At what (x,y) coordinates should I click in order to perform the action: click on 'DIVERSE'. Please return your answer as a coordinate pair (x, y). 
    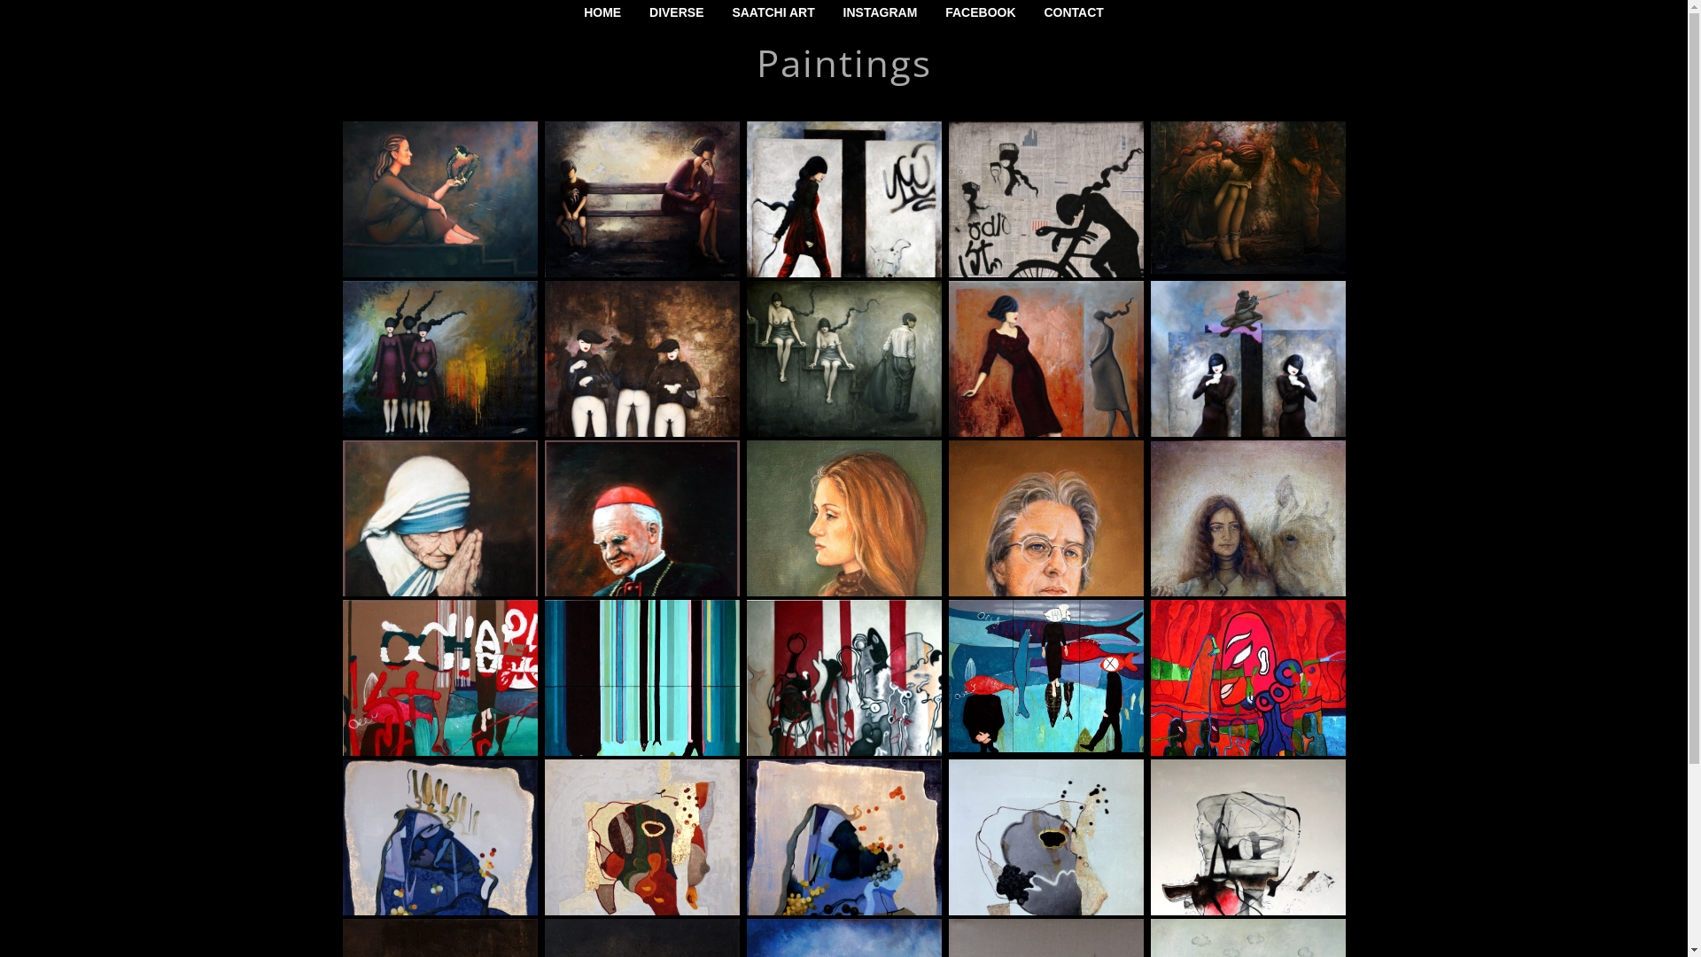
    Looking at the image, I should click on (675, 12).